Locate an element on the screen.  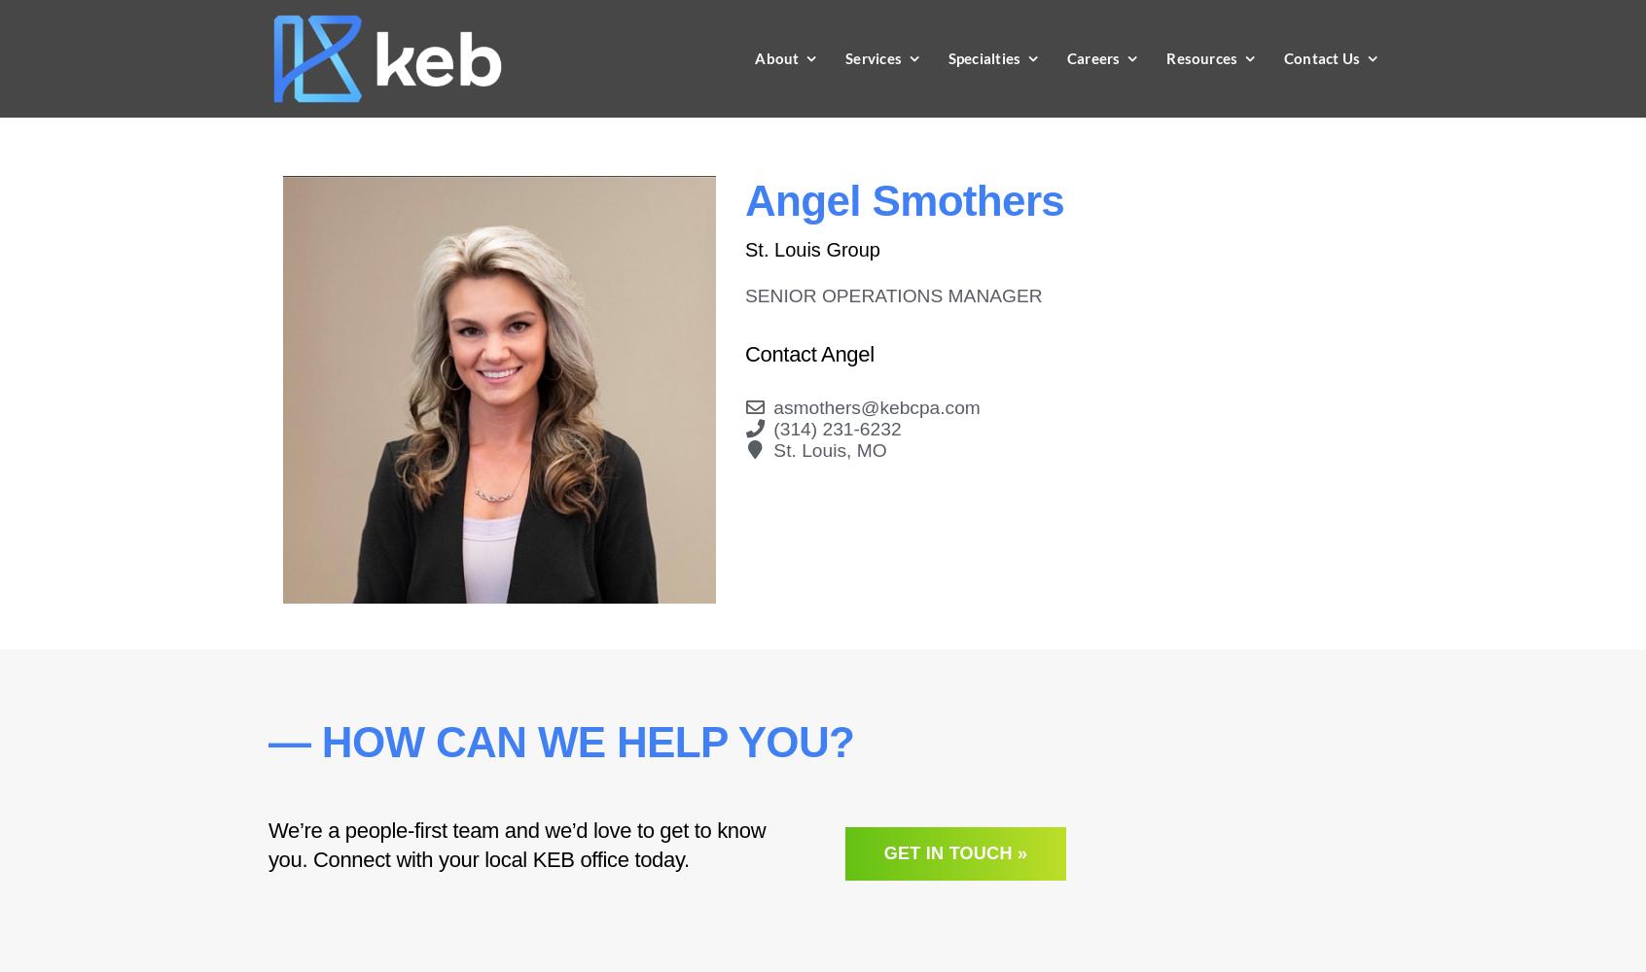
'News & Insights' is located at coordinates (1239, 111).